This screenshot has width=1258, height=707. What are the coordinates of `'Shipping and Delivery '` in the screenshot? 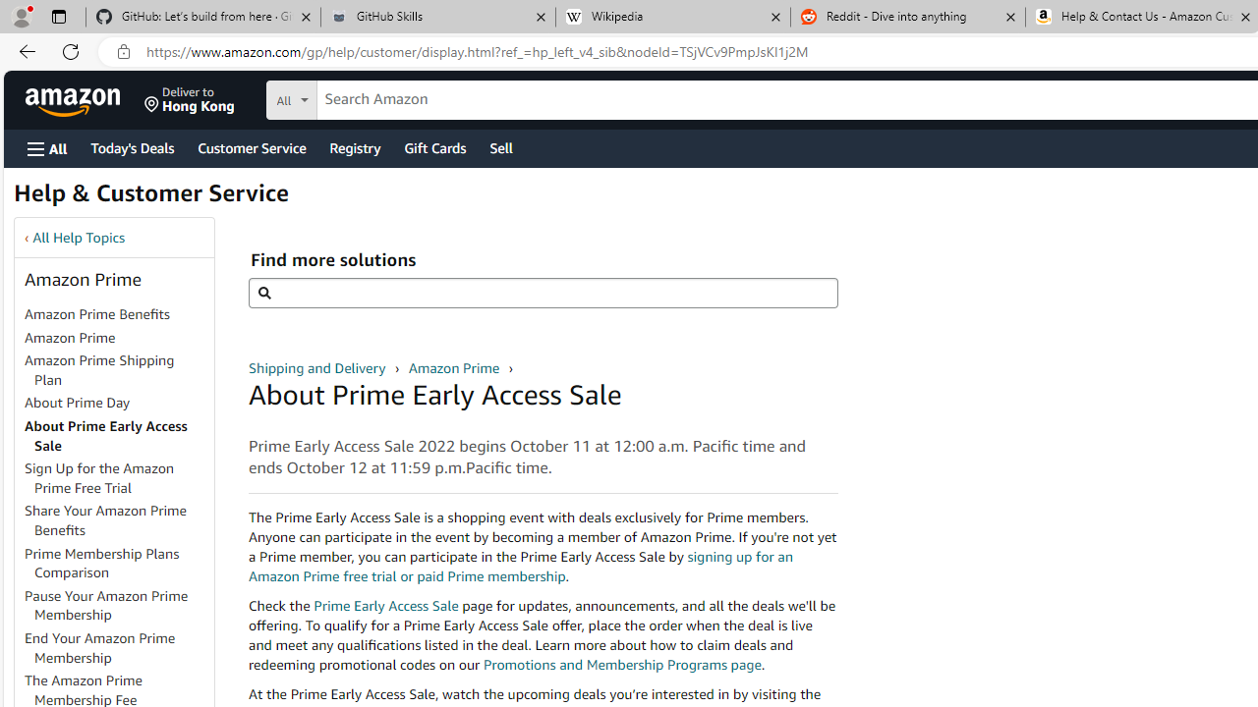 It's located at (319, 367).